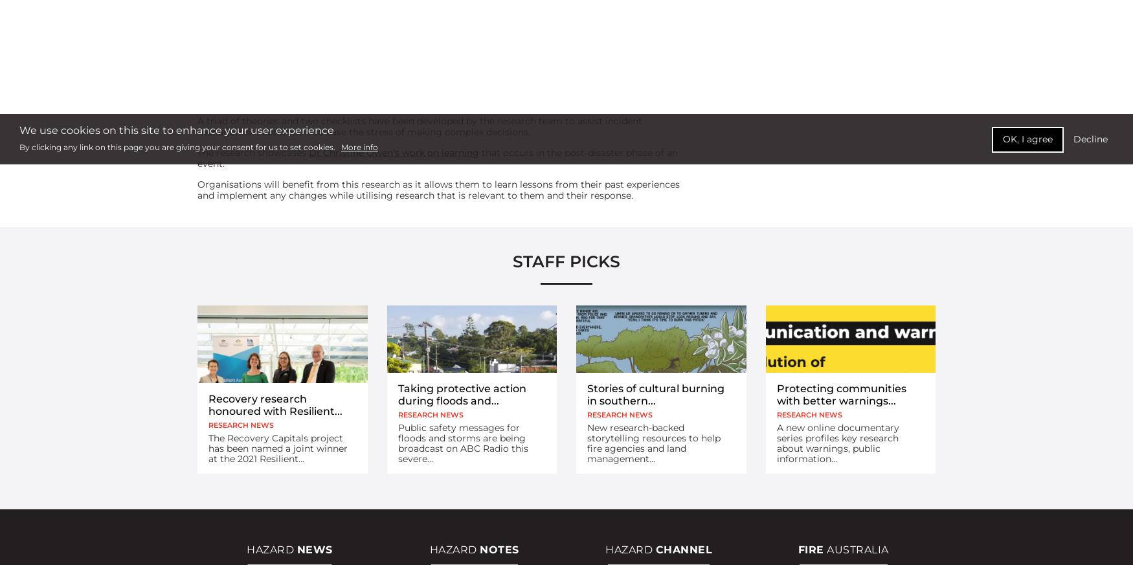  Describe the element at coordinates (855, 549) in the screenshot. I see `'Australia'` at that location.